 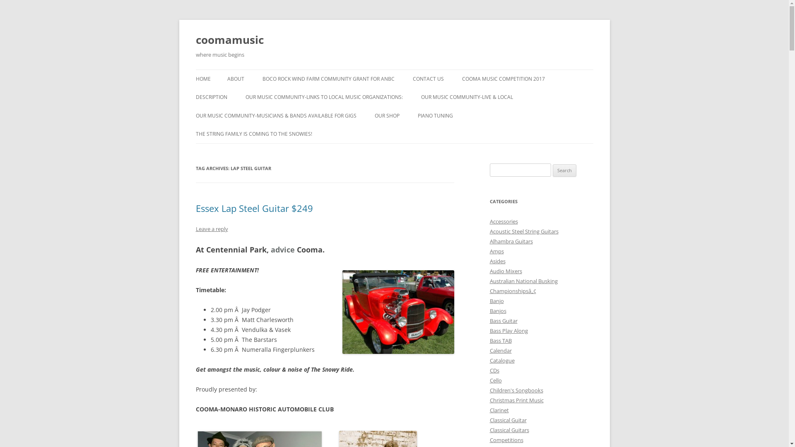 What do you see at coordinates (500, 340) in the screenshot?
I see `'Bass TAB'` at bounding box center [500, 340].